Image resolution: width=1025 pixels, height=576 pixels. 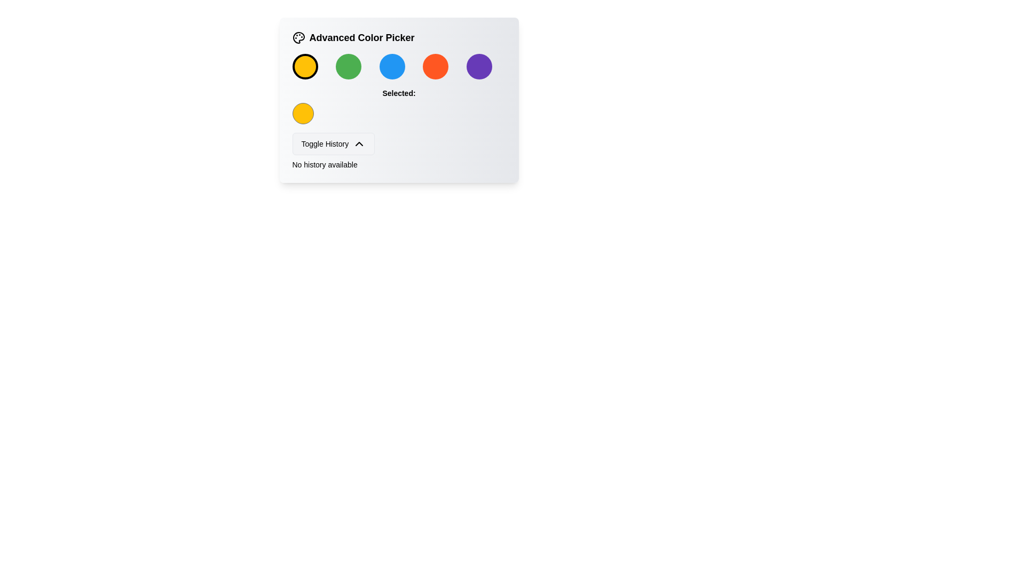 What do you see at coordinates (398, 92) in the screenshot?
I see `text content of the label displaying 'Selected:' which is bold and positioned above a circular color swatch` at bounding box center [398, 92].